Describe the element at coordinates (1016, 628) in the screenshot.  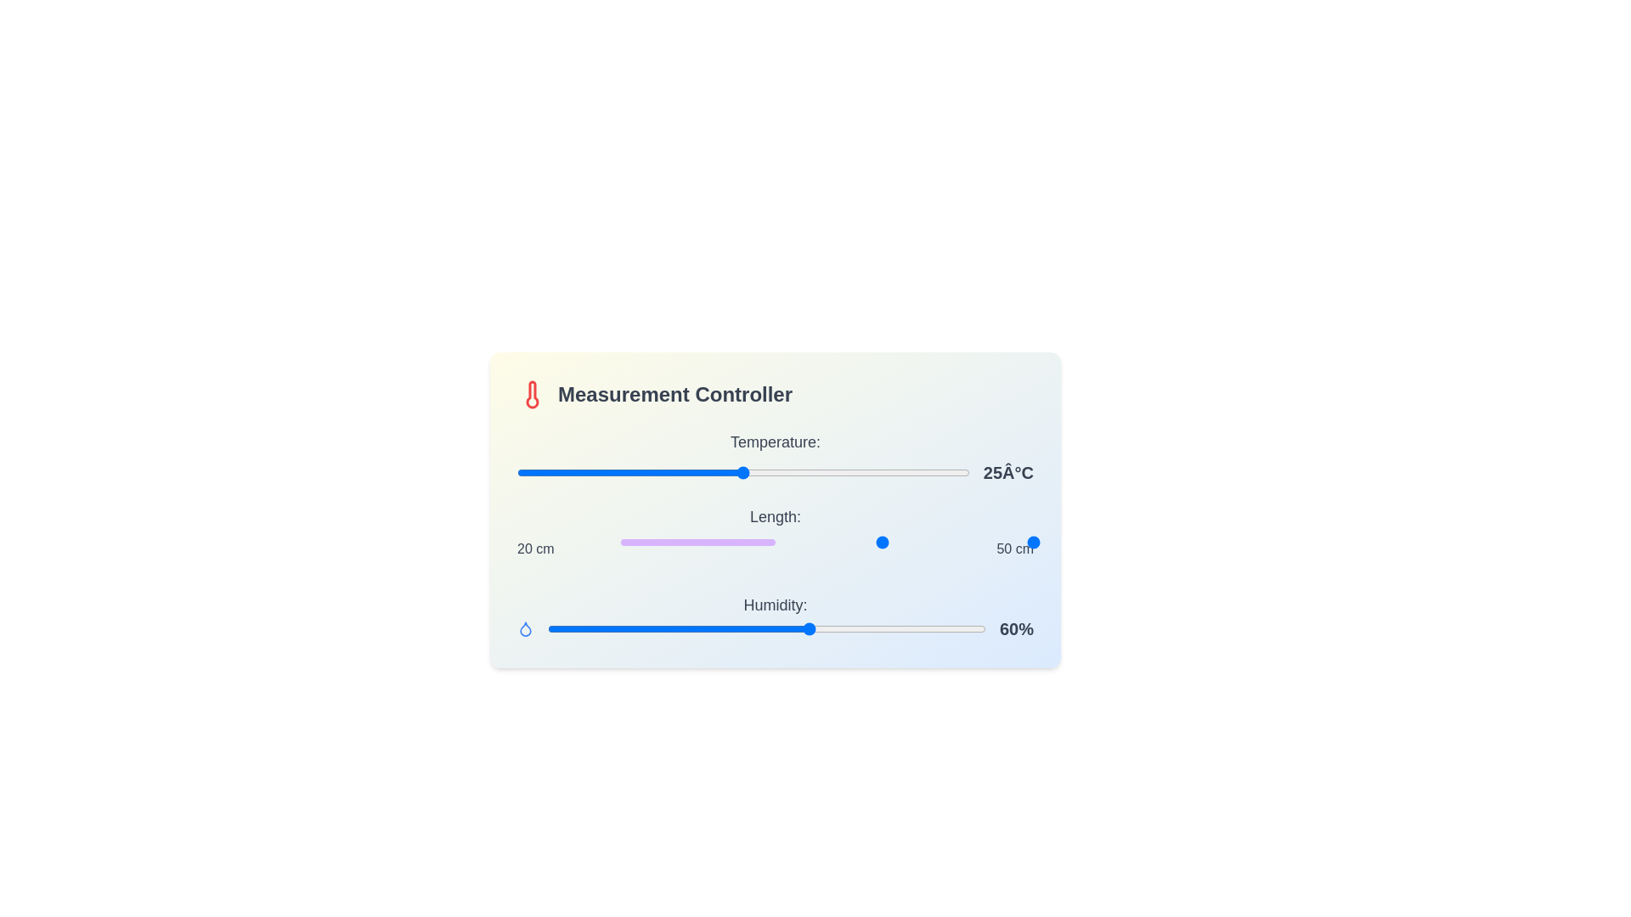
I see `the text label displaying '60%' which is positioned to the right of a horizontal blue progress bar in the bottom right corner of the interface` at that location.